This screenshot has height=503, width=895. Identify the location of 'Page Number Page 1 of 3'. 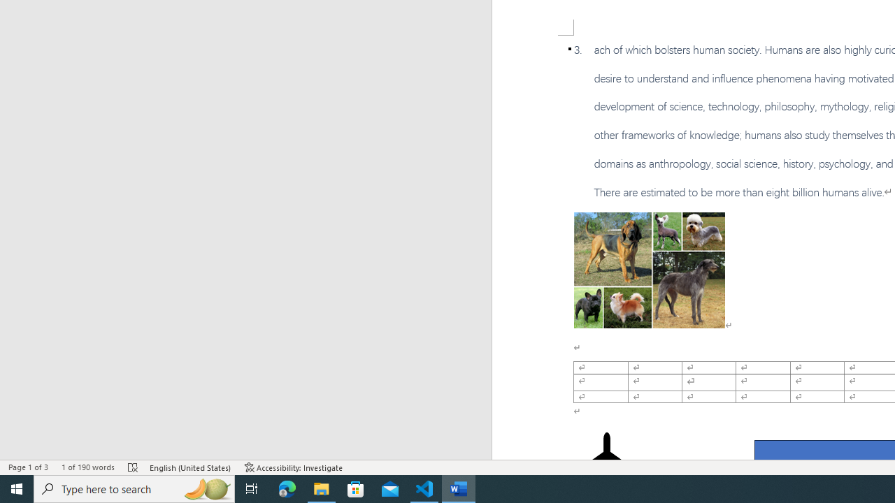
(28, 467).